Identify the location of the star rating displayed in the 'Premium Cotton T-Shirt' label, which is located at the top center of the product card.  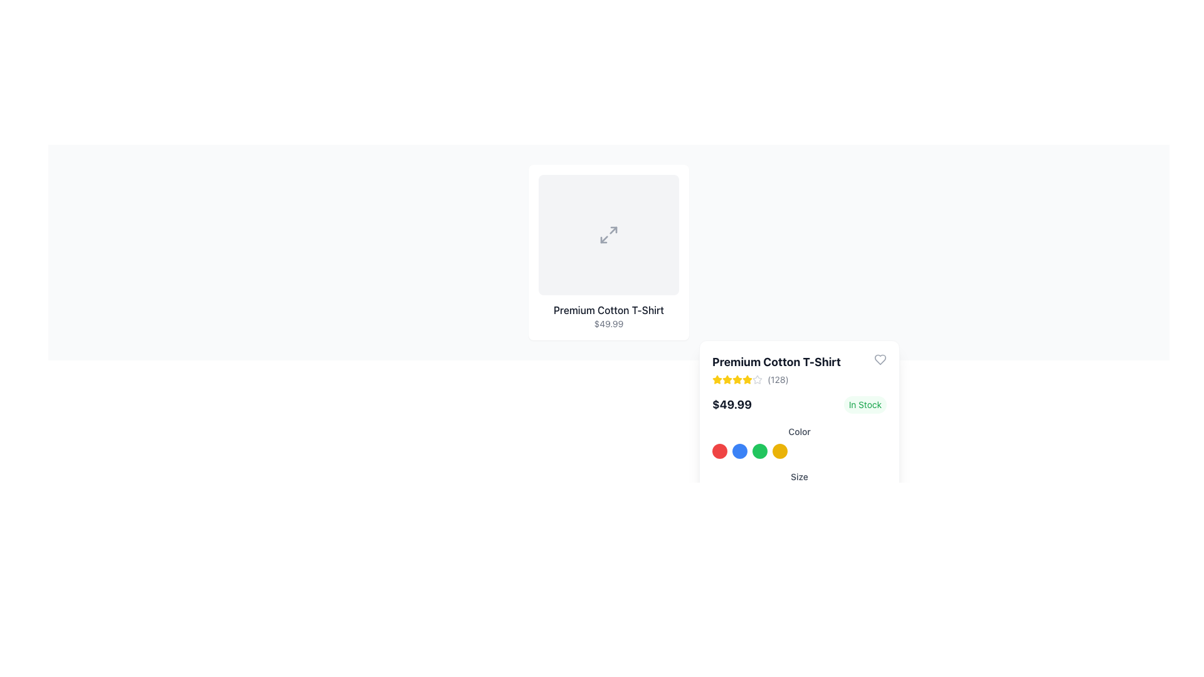
(776, 369).